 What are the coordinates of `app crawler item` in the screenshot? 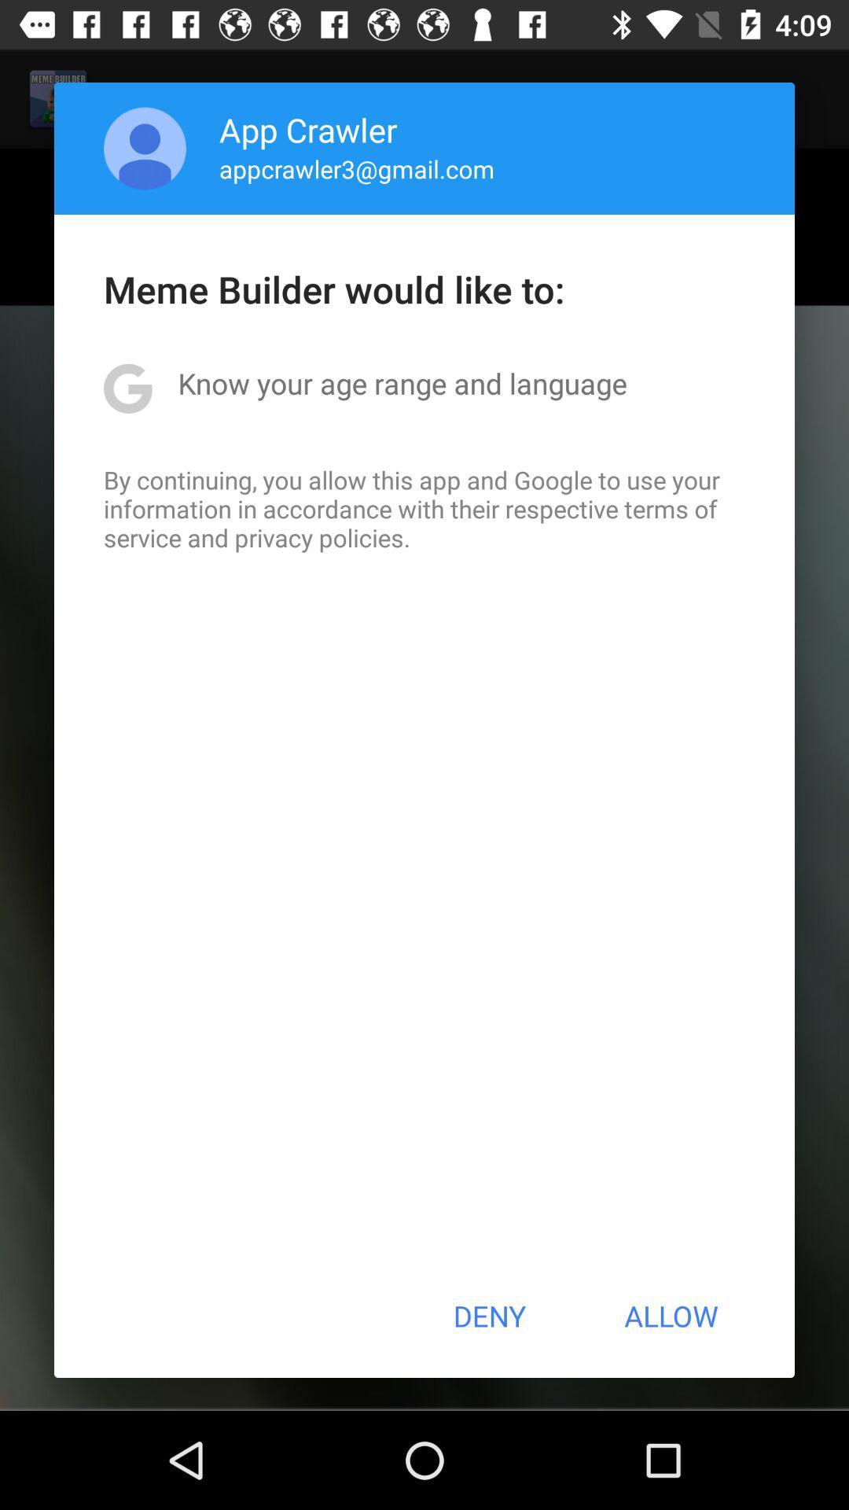 It's located at (308, 129).